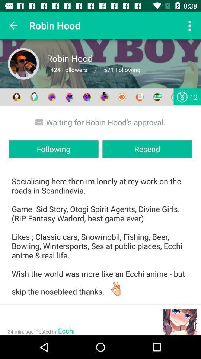 The width and height of the screenshot is (201, 359). I want to click on the eight emoji which is below the image, so click(140, 96).